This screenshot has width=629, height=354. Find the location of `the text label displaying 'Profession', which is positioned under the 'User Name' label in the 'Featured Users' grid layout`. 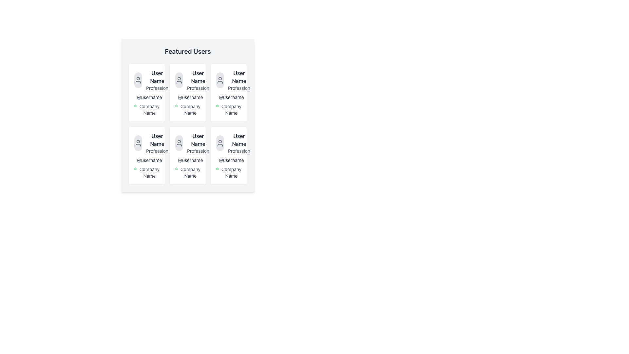

the text label displaying 'Profession', which is positioned under the 'User Name' label in the 'Featured Users' grid layout is located at coordinates (198, 151).